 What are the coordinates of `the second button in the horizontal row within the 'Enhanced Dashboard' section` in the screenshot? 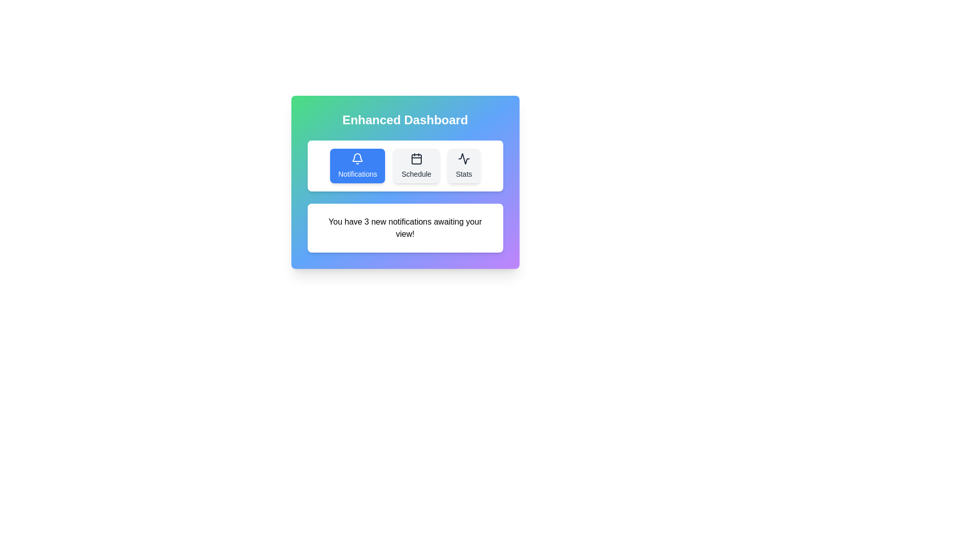 It's located at (416, 166).